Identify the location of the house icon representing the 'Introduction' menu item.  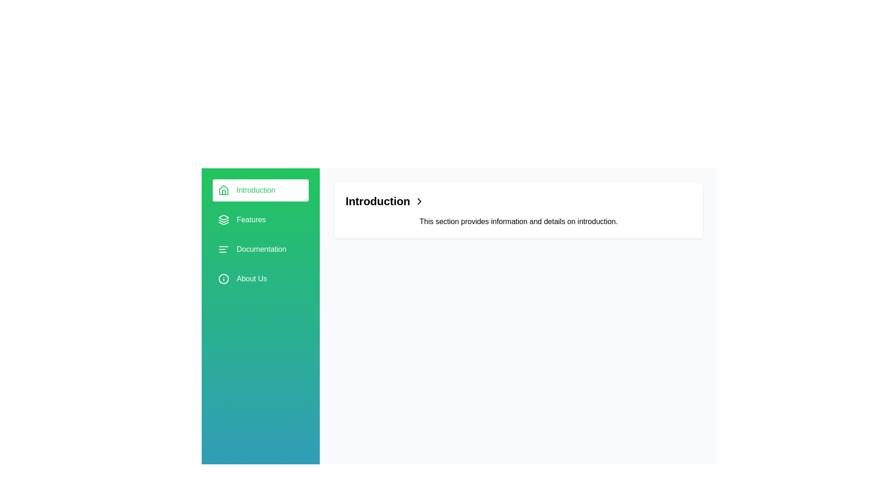
(223, 190).